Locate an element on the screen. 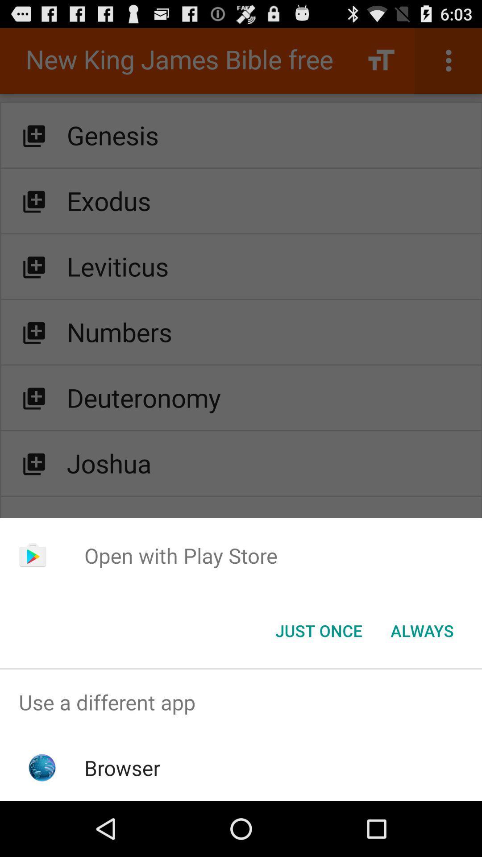 This screenshot has width=482, height=857. item above browser item is located at coordinates (241, 702).